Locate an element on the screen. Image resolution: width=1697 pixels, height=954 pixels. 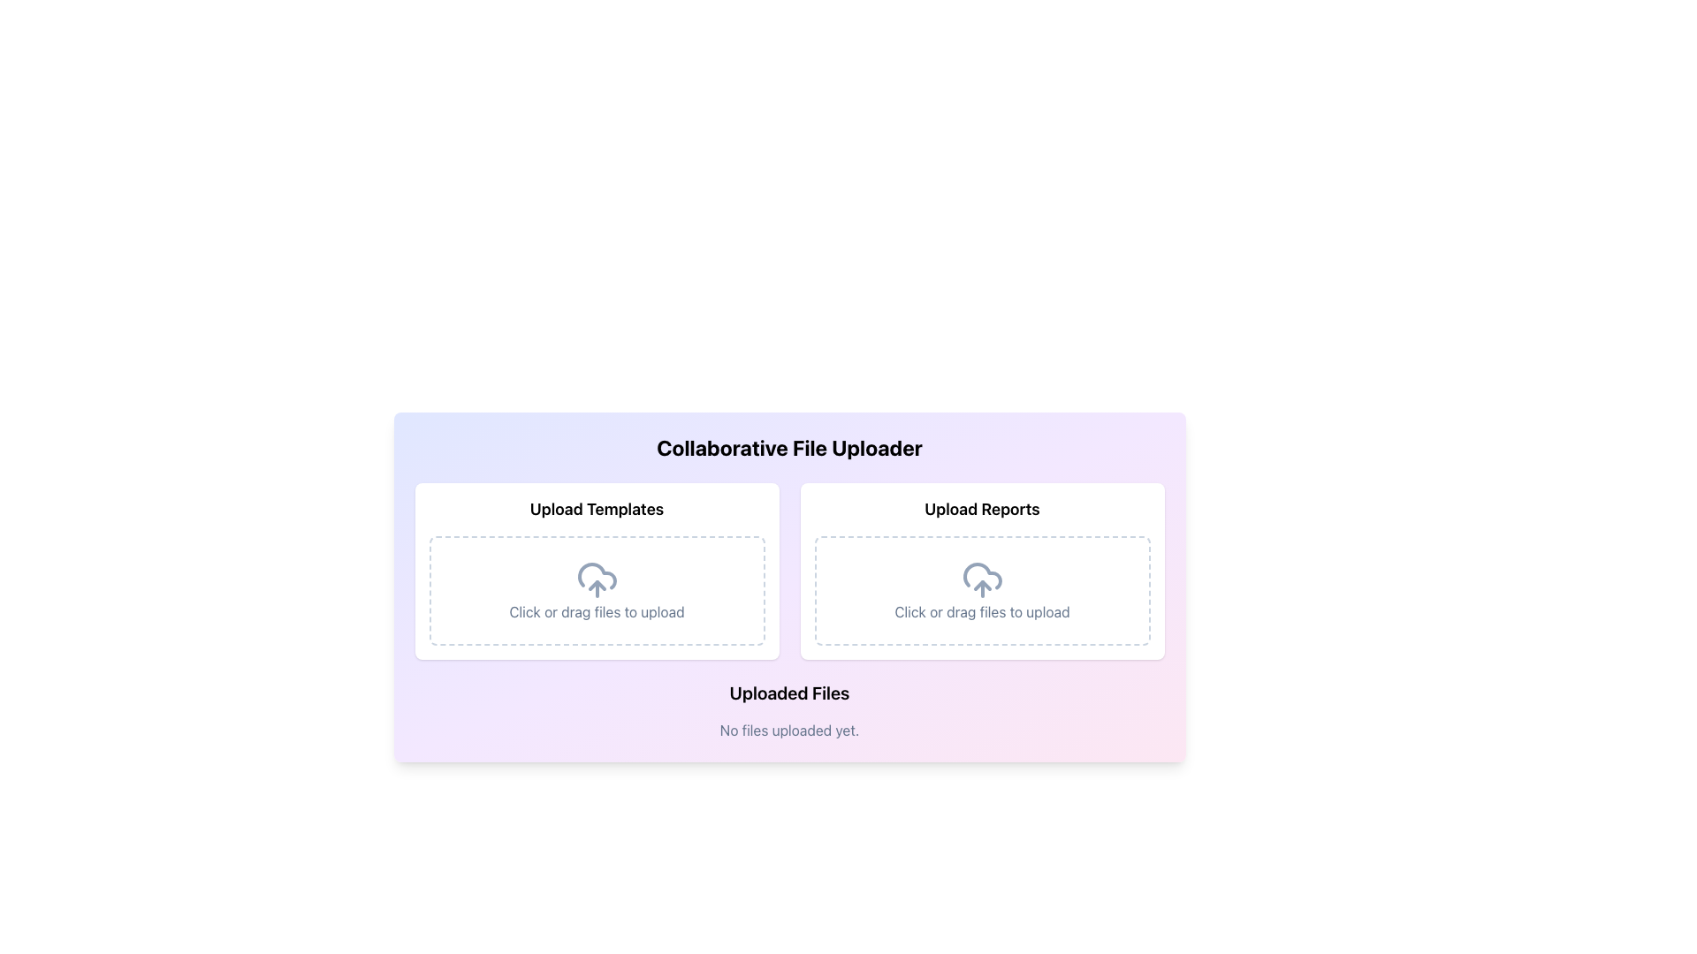
the upwards arrowhead icon within the cloud shape, indicating the upload functionality, located in the center of the 'Upload Templates' block is located at coordinates (597, 586).